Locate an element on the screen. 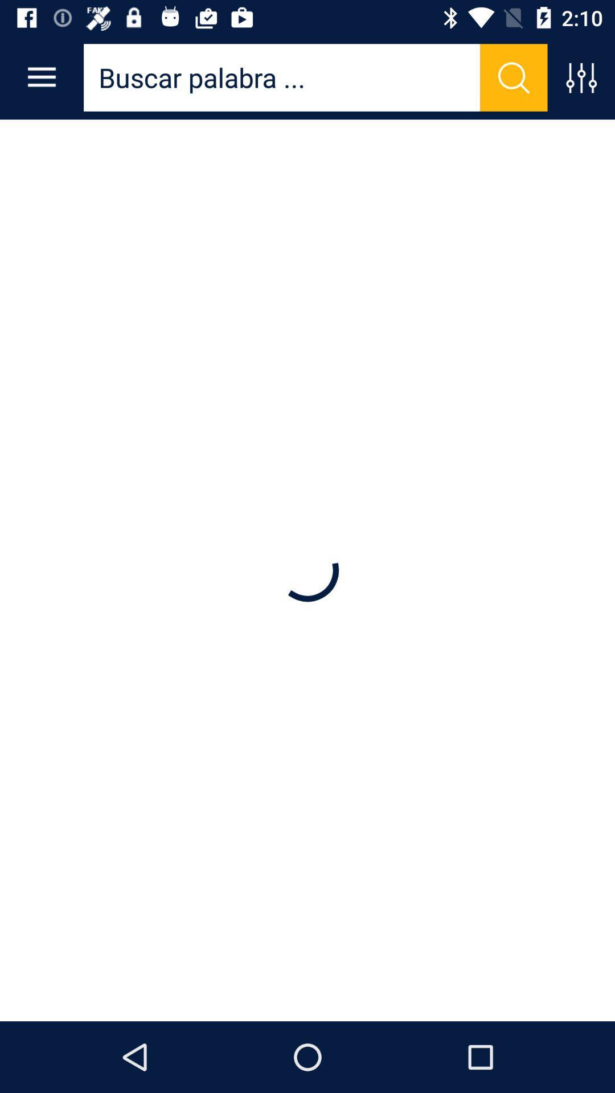 This screenshot has width=615, height=1093. the icon at the top left corner is located at coordinates (41, 77).